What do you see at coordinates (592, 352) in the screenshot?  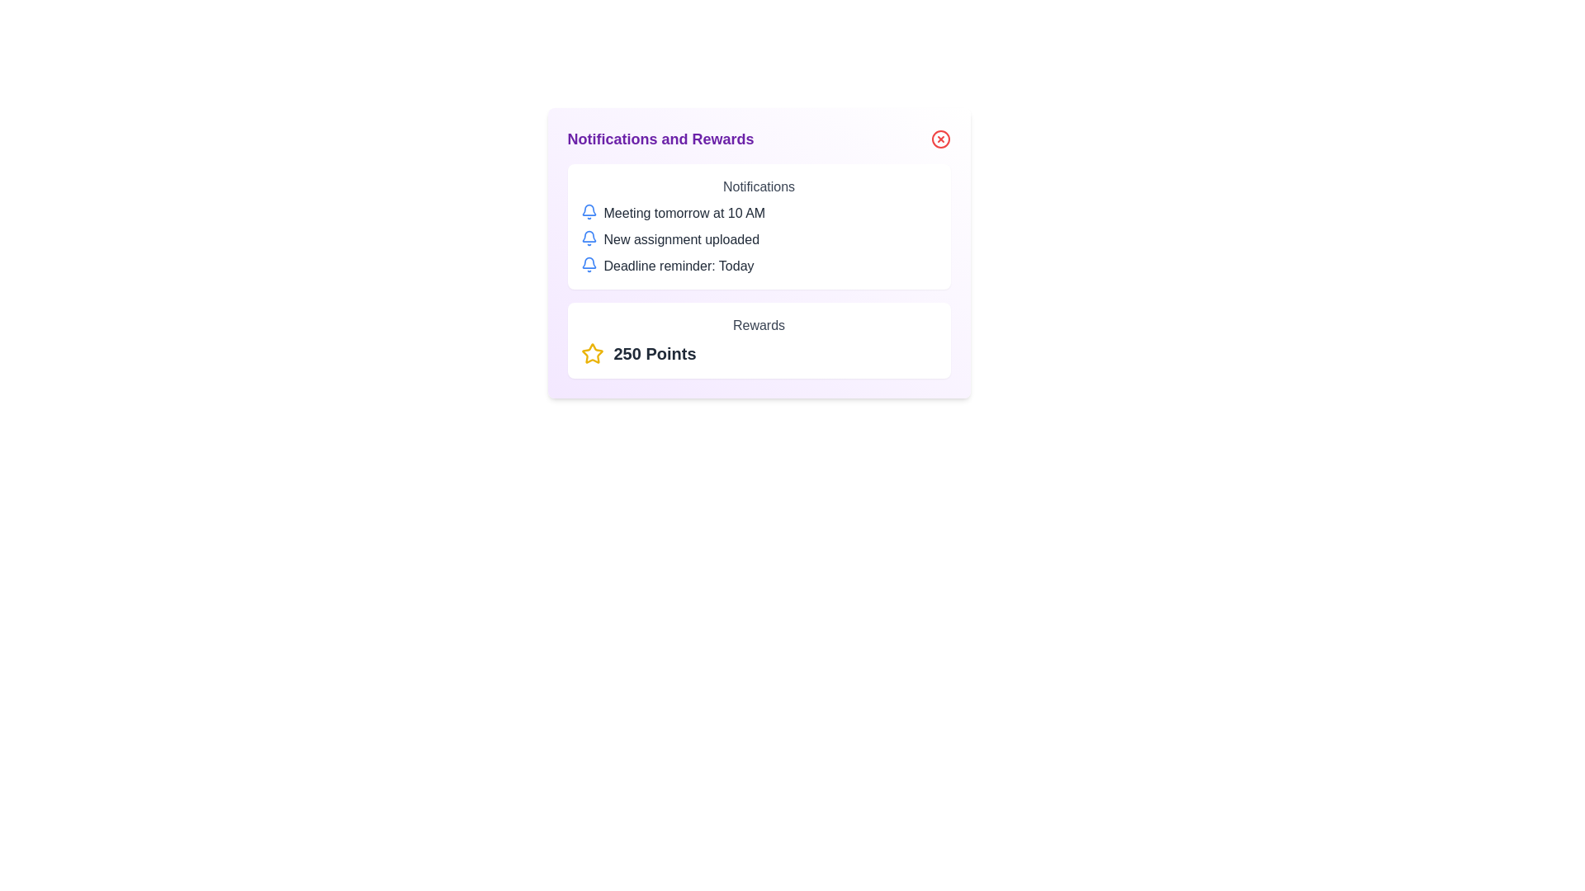 I see `the reward icon located to the left of the '250 Points' text in the 'Rewards' card interface` at bounding box center [592, 352].